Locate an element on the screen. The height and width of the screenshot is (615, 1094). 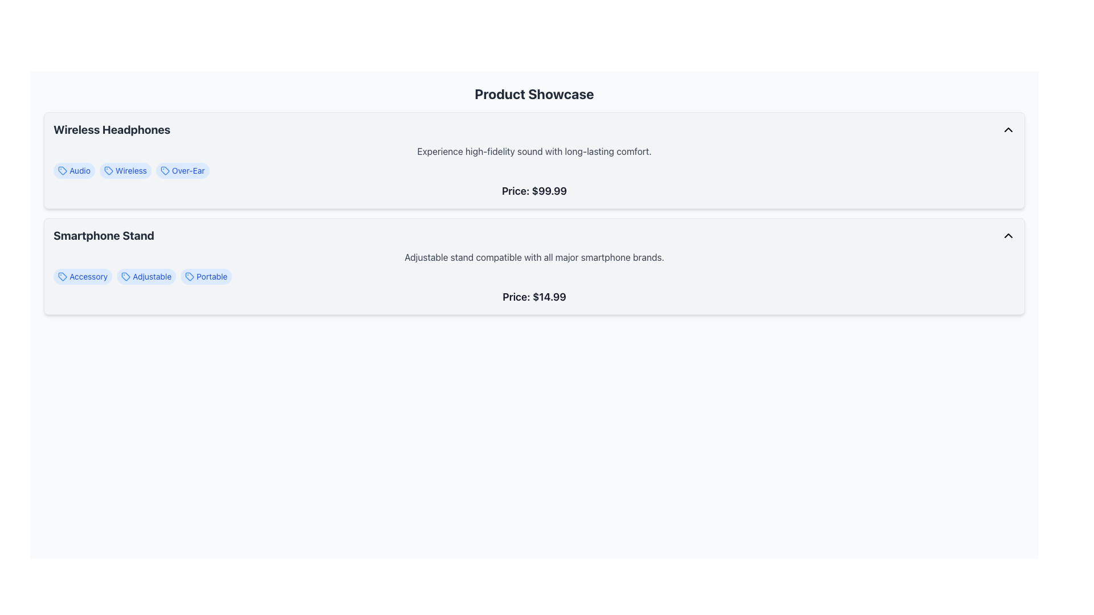
the chevron-up icon located in the upper-right corner of the 'Wireless Headphones' section header is located at coordinates (1009, 129).